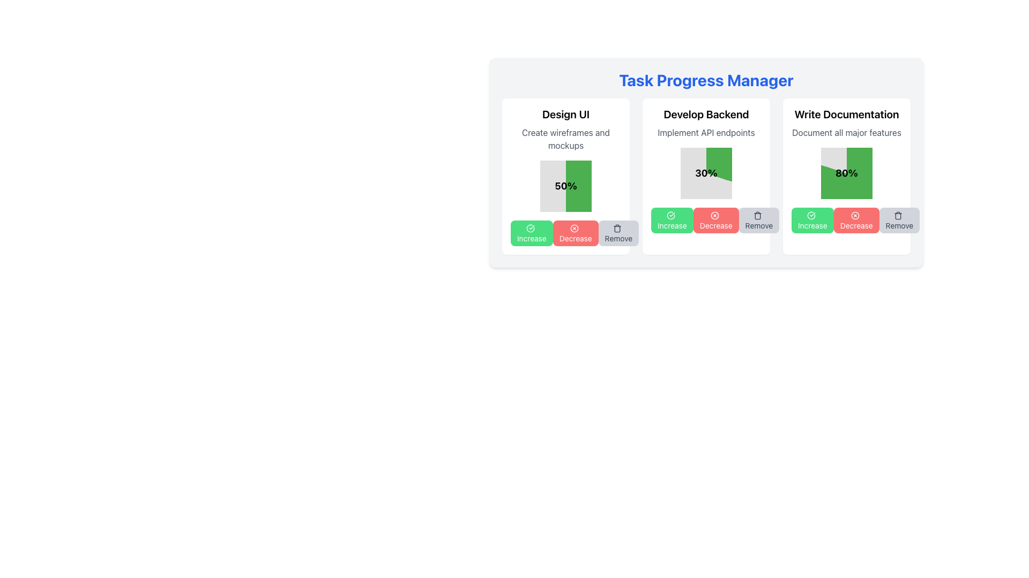 This screenshot has height=578, width=1029. I want to click on the 'Increase' button with a green background and checkmark icon to increase the value or progress, so click(812, 220).